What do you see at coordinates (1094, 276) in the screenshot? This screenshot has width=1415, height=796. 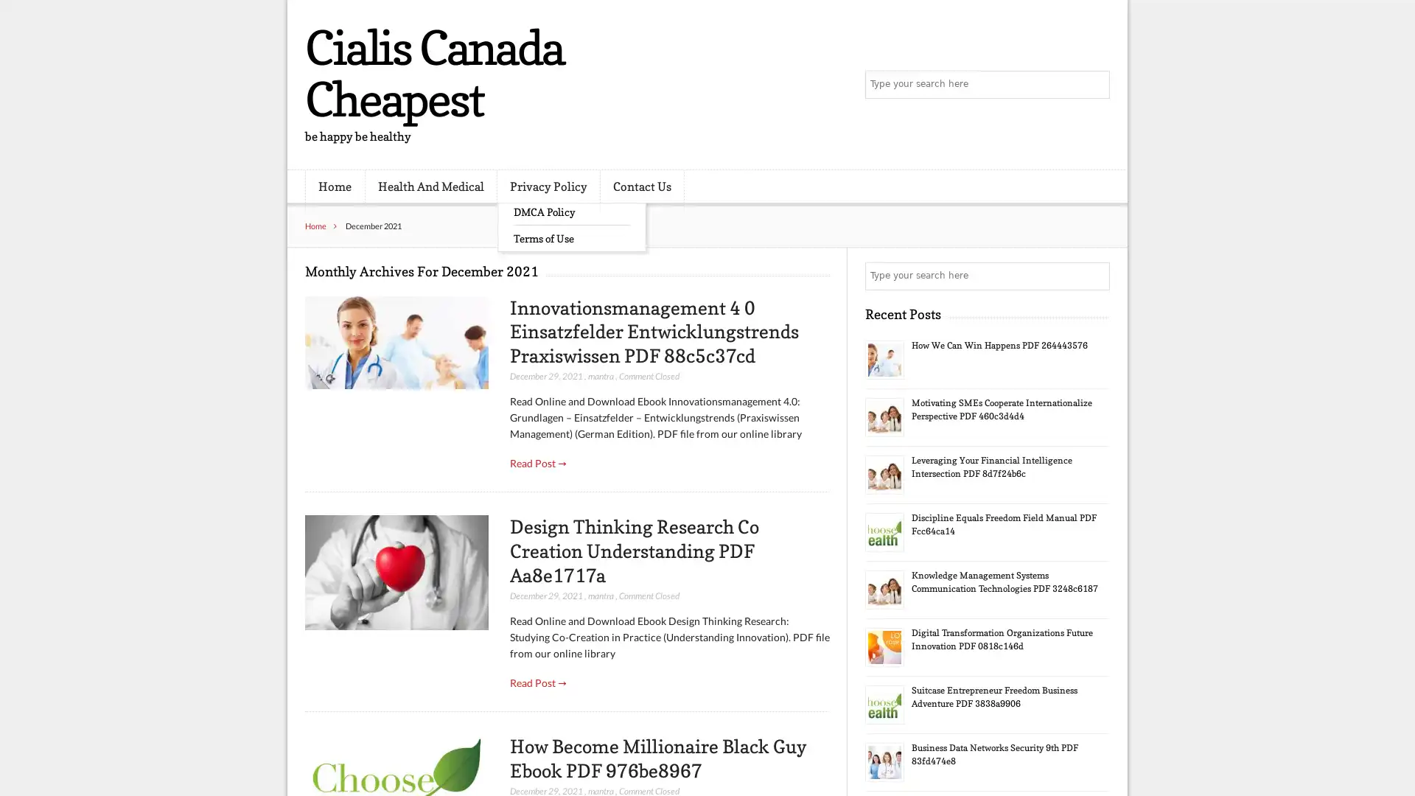 I see `Search` at bounding box center [1094, 276].